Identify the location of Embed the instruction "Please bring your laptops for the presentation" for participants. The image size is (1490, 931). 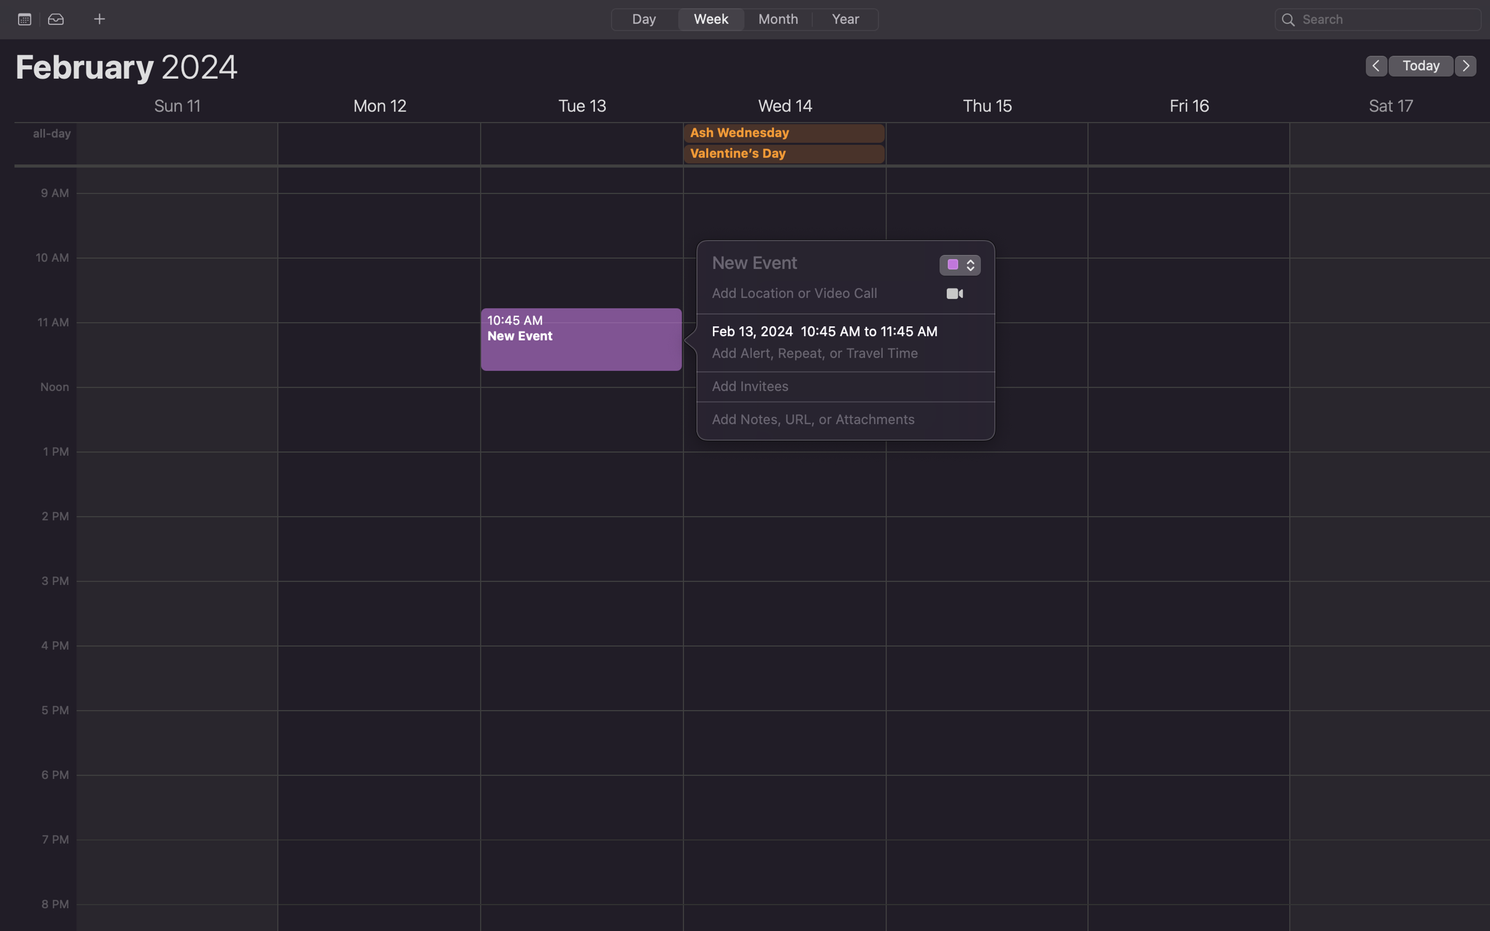
(832, 420).